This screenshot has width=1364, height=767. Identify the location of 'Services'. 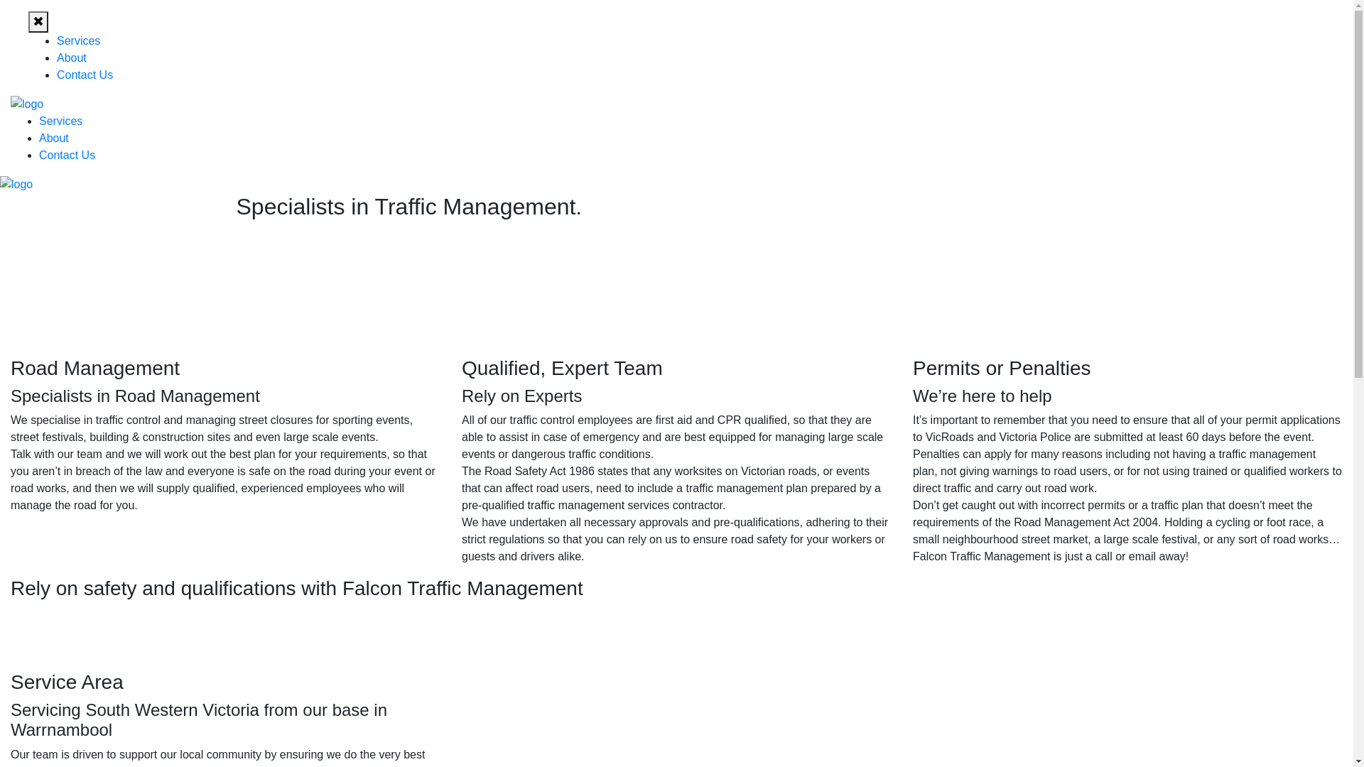
(77, 40).